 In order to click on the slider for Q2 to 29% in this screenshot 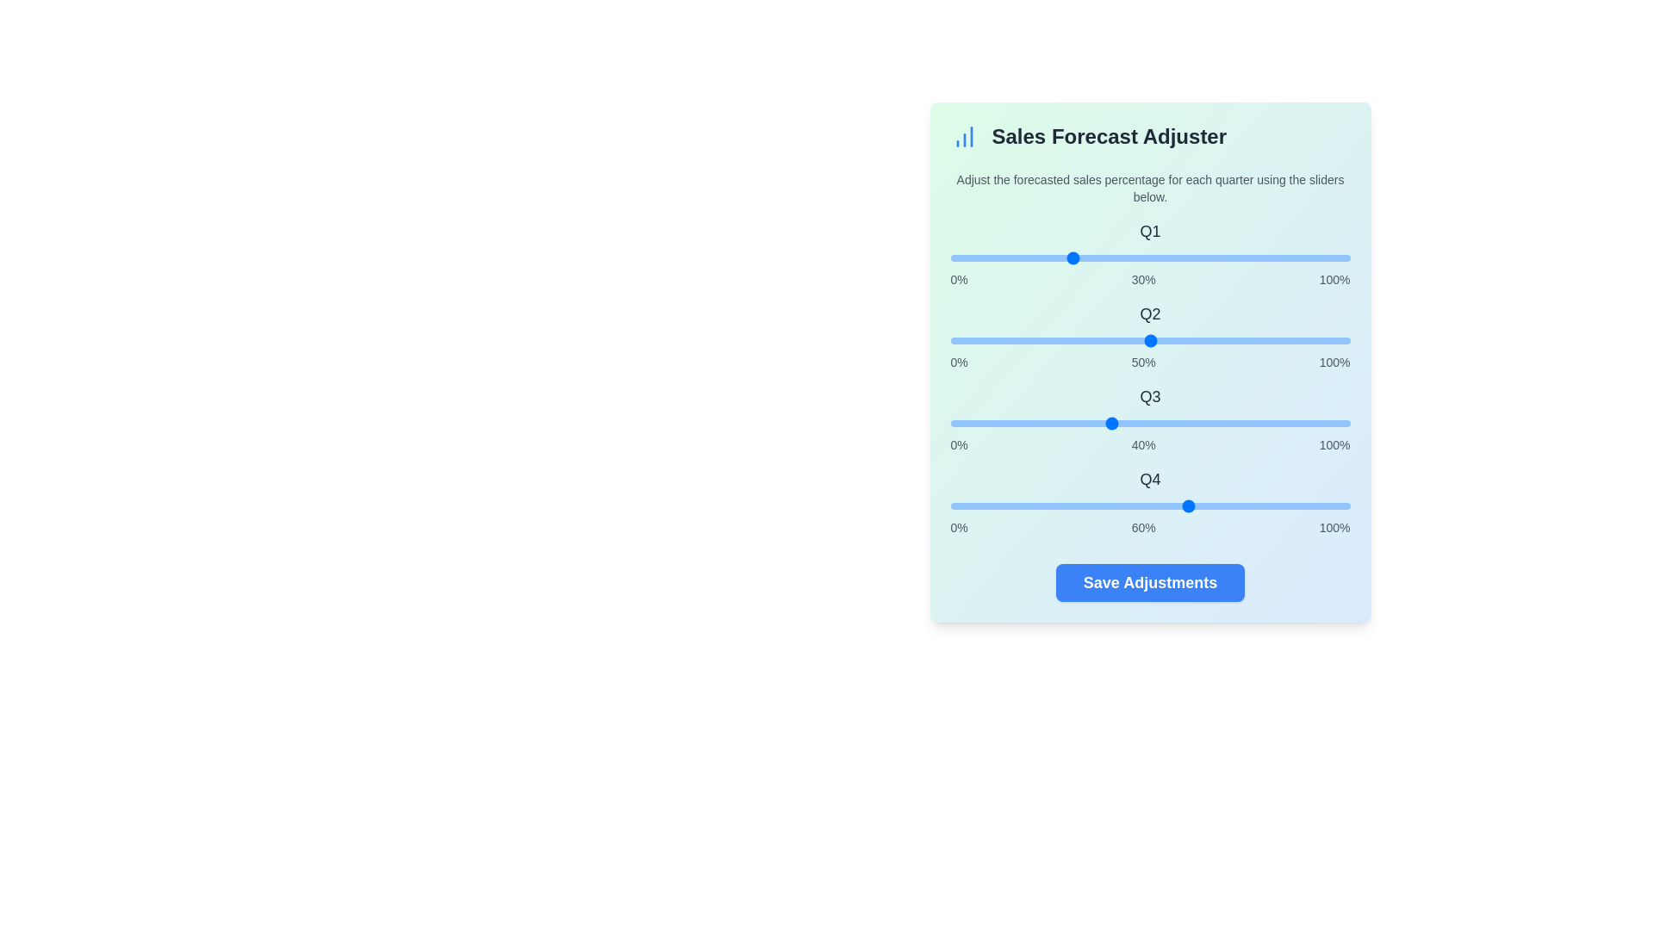, I will do `click(1066, 341)`.